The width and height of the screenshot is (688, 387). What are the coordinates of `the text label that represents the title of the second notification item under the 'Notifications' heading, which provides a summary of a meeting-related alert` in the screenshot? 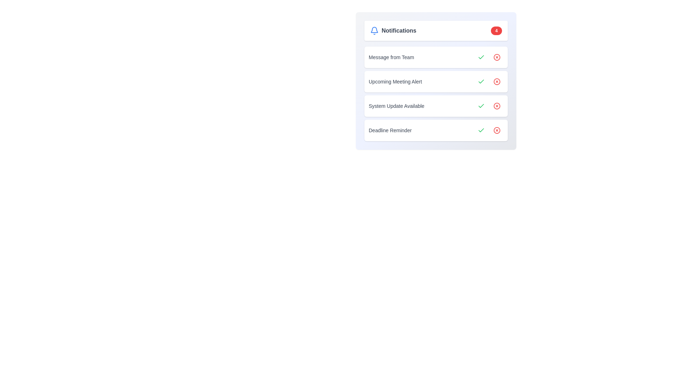 It's located at (395, 81).